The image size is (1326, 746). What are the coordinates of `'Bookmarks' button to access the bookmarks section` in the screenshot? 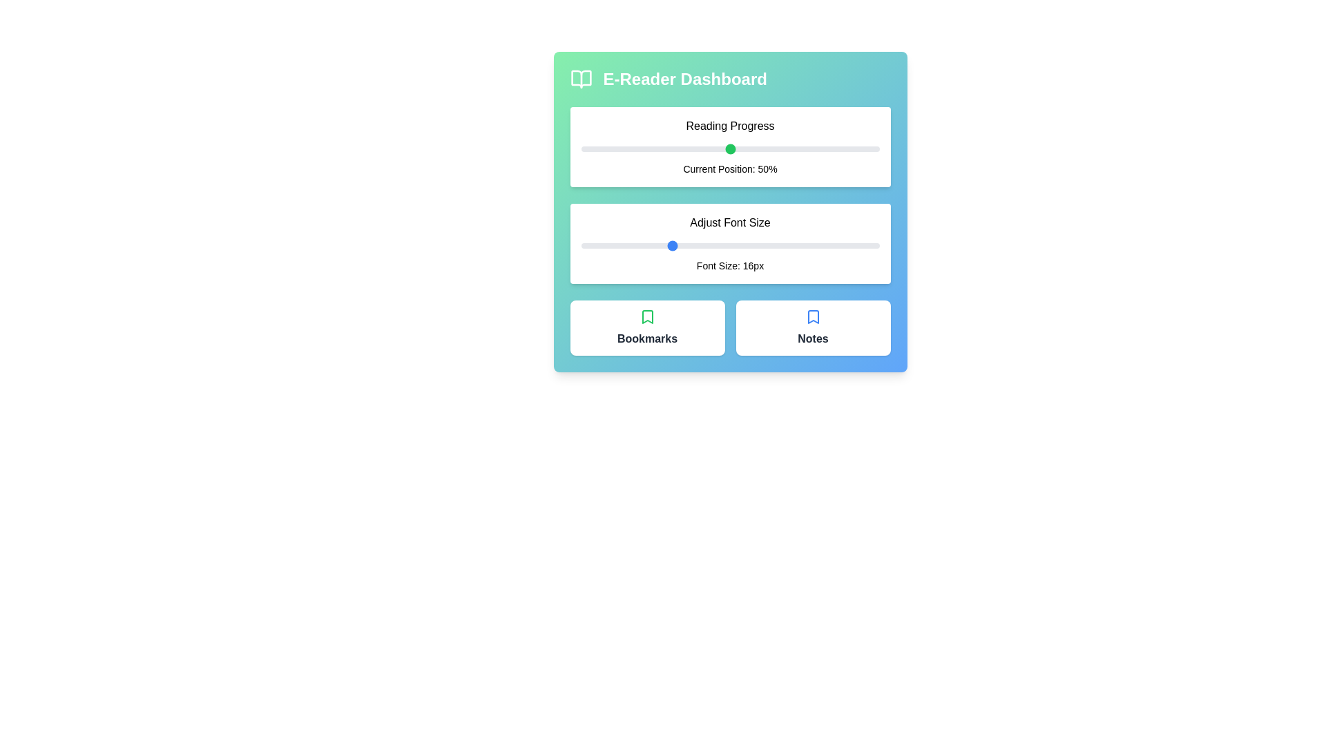 It's located at (646, 327).